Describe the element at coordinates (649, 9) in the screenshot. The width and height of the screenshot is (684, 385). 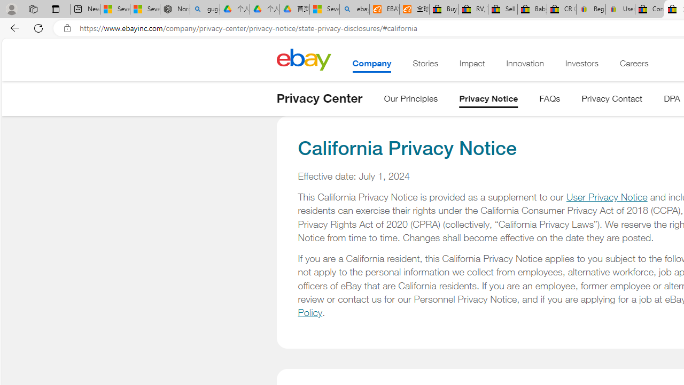
I see `'Consumer Health Data Privacy Policy - eBay Inc.'` at that location.